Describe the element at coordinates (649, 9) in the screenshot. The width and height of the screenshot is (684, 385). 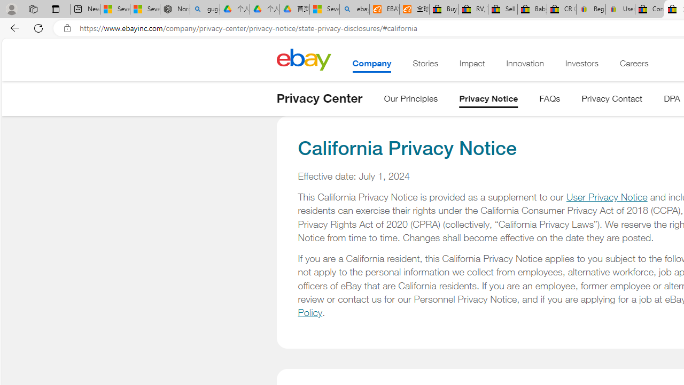
I see `'Consumer Health Data Privacy Policy - eBay Inc.'` at that location.